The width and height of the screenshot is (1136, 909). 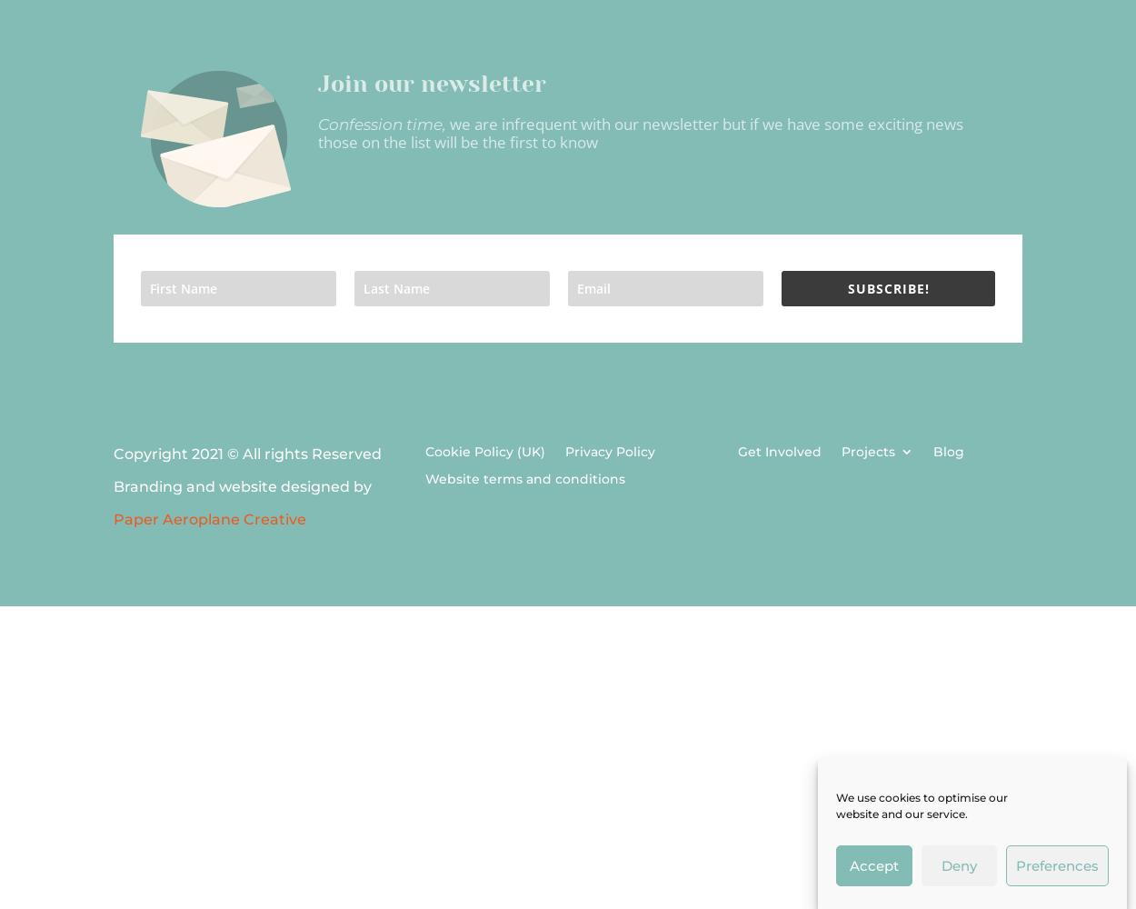 What do you see at coordinates (524, 479) in the screenshot?
I see `'Website terms and conditions'` at bounding box center [524, 479].